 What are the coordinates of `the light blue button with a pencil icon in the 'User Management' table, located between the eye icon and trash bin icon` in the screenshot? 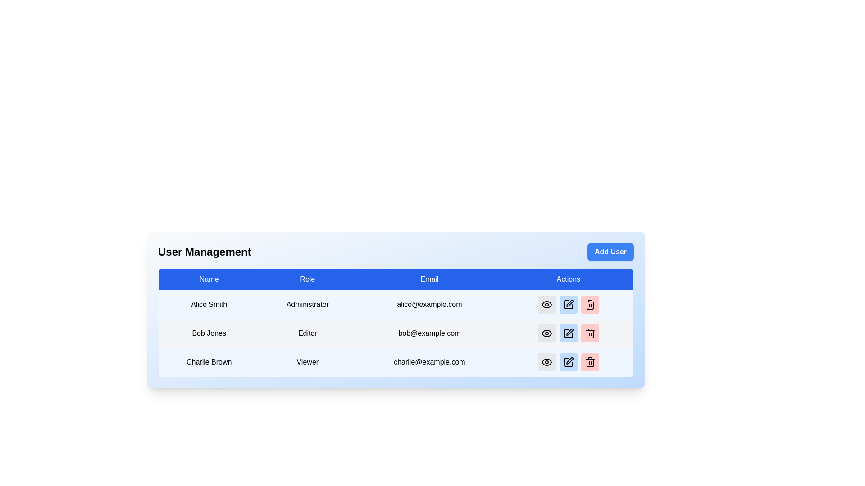 It's located at (568, 362).